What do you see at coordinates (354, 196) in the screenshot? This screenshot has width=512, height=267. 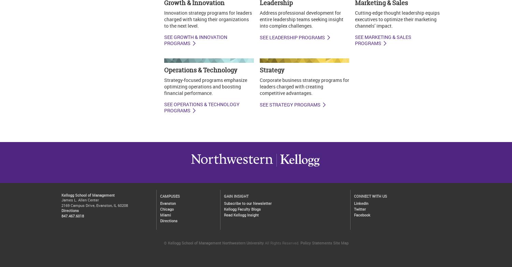 I see `'Connect with Us'` at bounding box center [354, 196].